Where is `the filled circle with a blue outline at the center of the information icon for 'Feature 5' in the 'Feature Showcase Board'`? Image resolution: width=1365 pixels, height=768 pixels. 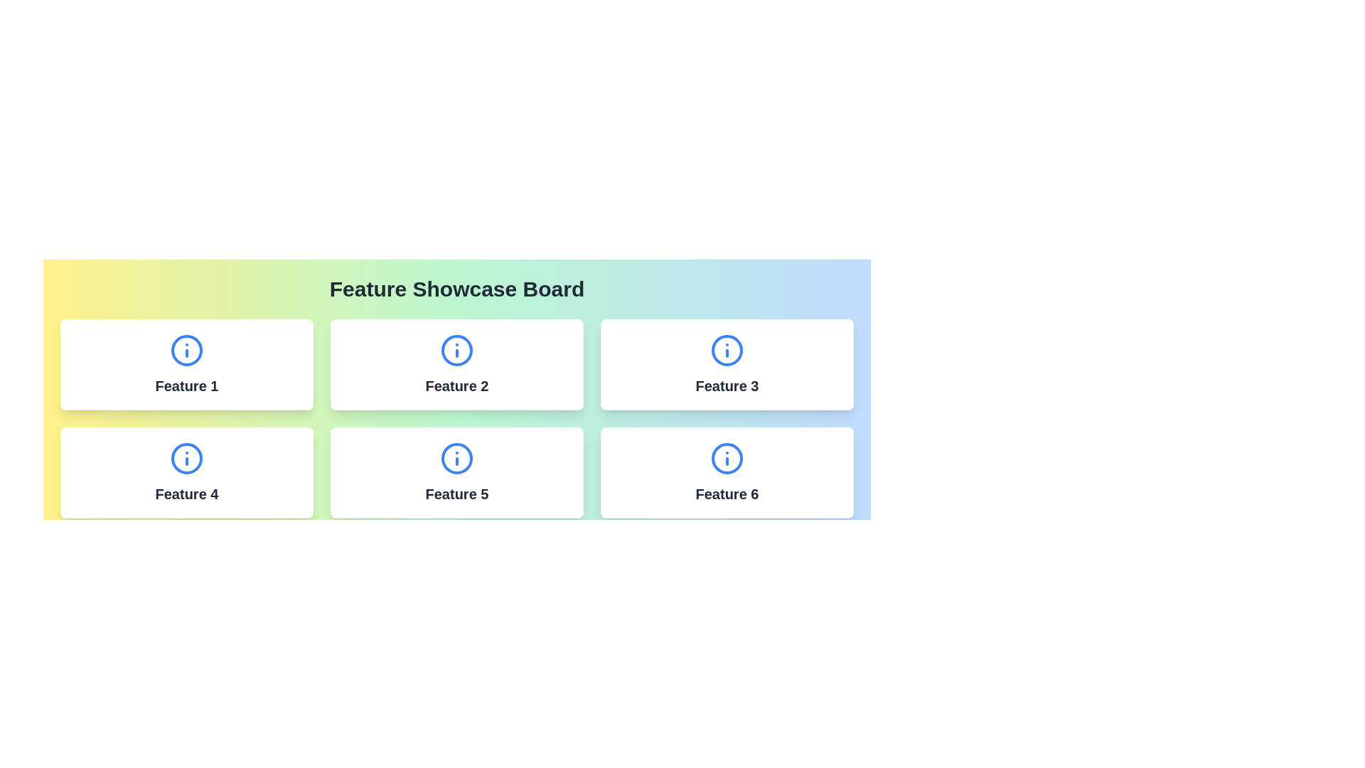
the filled circle with a blue outline at the center of the information icon for 'Feature 5' in the 'Feature Showcase Board' is located at coordinates (457, 458).